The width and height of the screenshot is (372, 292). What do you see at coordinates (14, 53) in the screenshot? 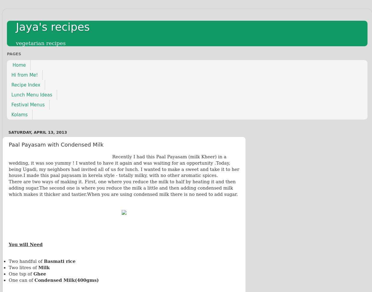
I see `'Pages'` at bounding box center [14, 53].